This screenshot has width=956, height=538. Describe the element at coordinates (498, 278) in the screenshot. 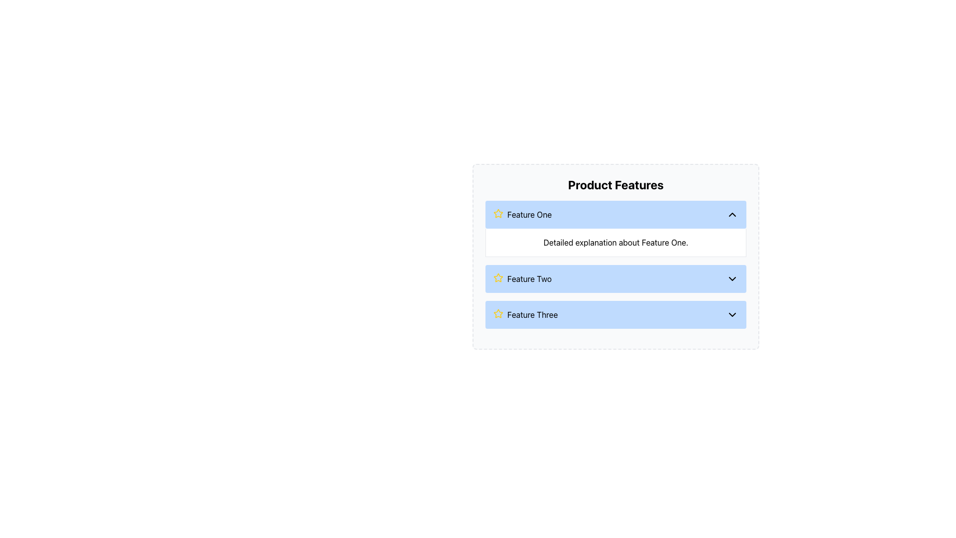

I see `the star icon that indicates a highlighted or featured item, adjacent to the text 'Feature Two'` at that location.